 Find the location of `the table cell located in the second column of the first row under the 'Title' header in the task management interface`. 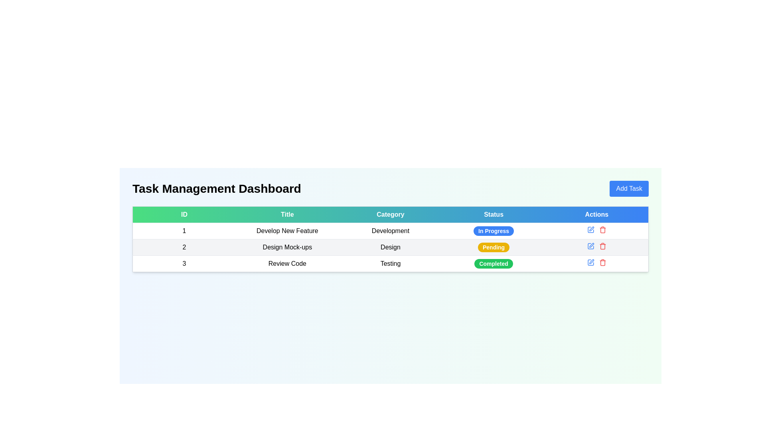

the table cell located in the second column of the first row under the 'Title' header in the task management interface is located at coordinates (287, 231).